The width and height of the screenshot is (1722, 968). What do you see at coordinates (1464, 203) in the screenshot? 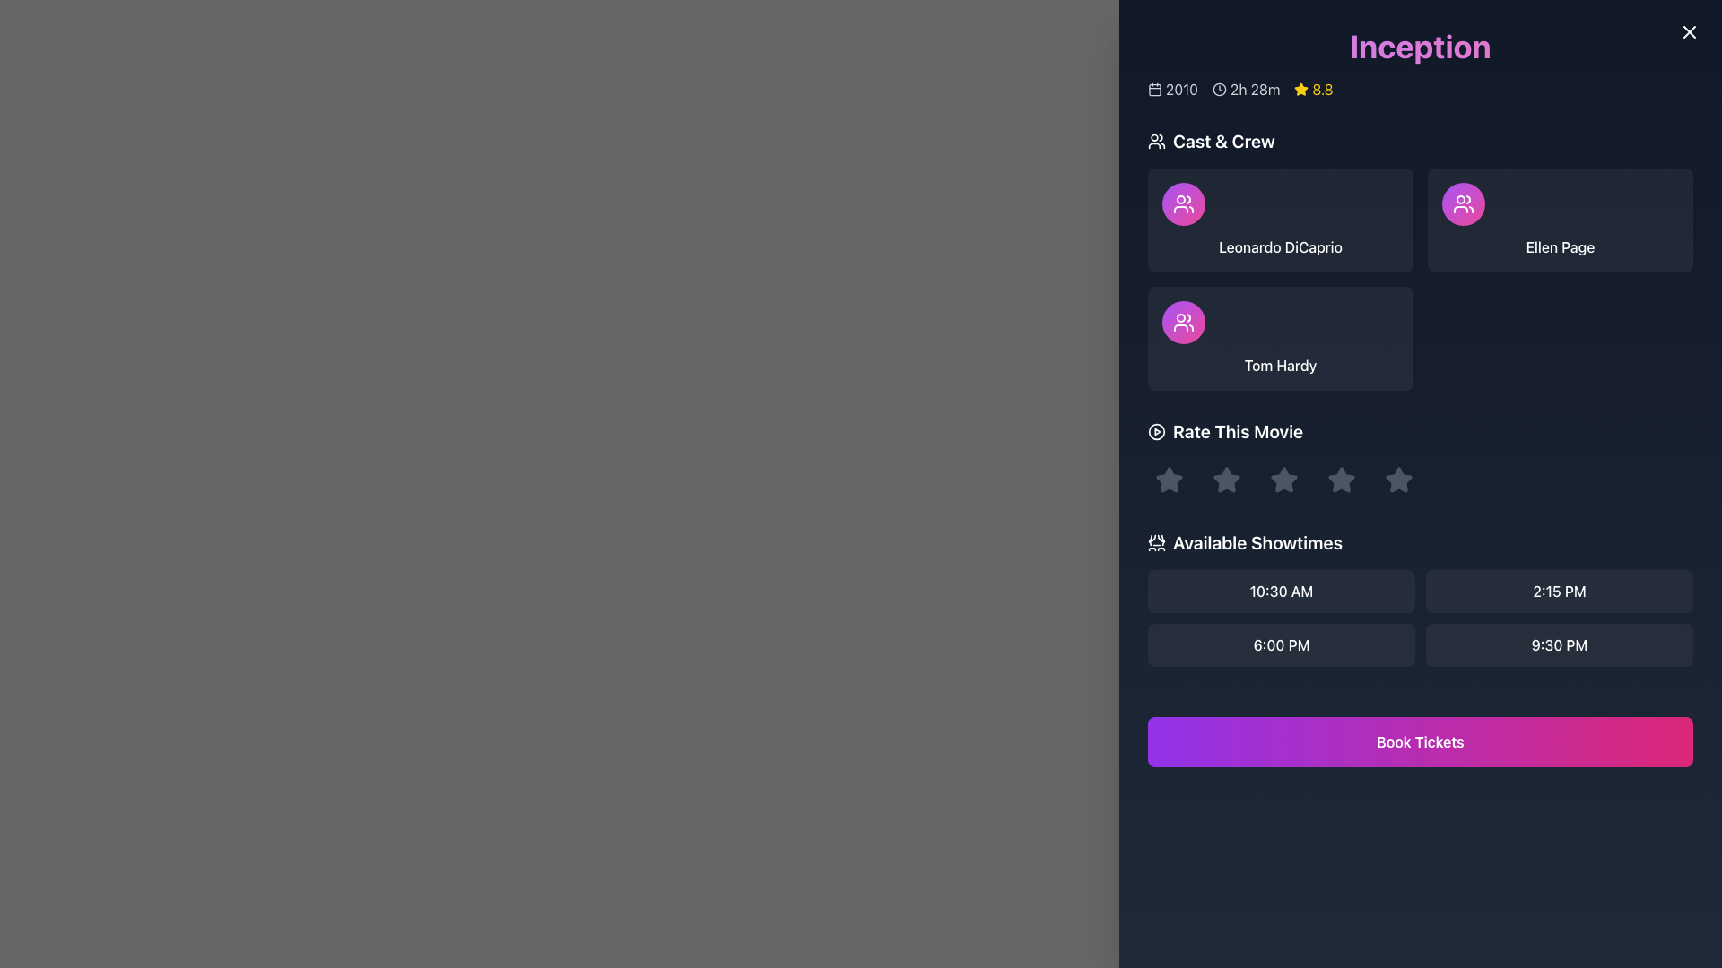
I see `the group icon in the top-right section of the interface, which features two rounded profiles on a pink/purple gradient circular background, located to the left of the 'Cast & Crew' title text` at bounding box center [1464, 203].